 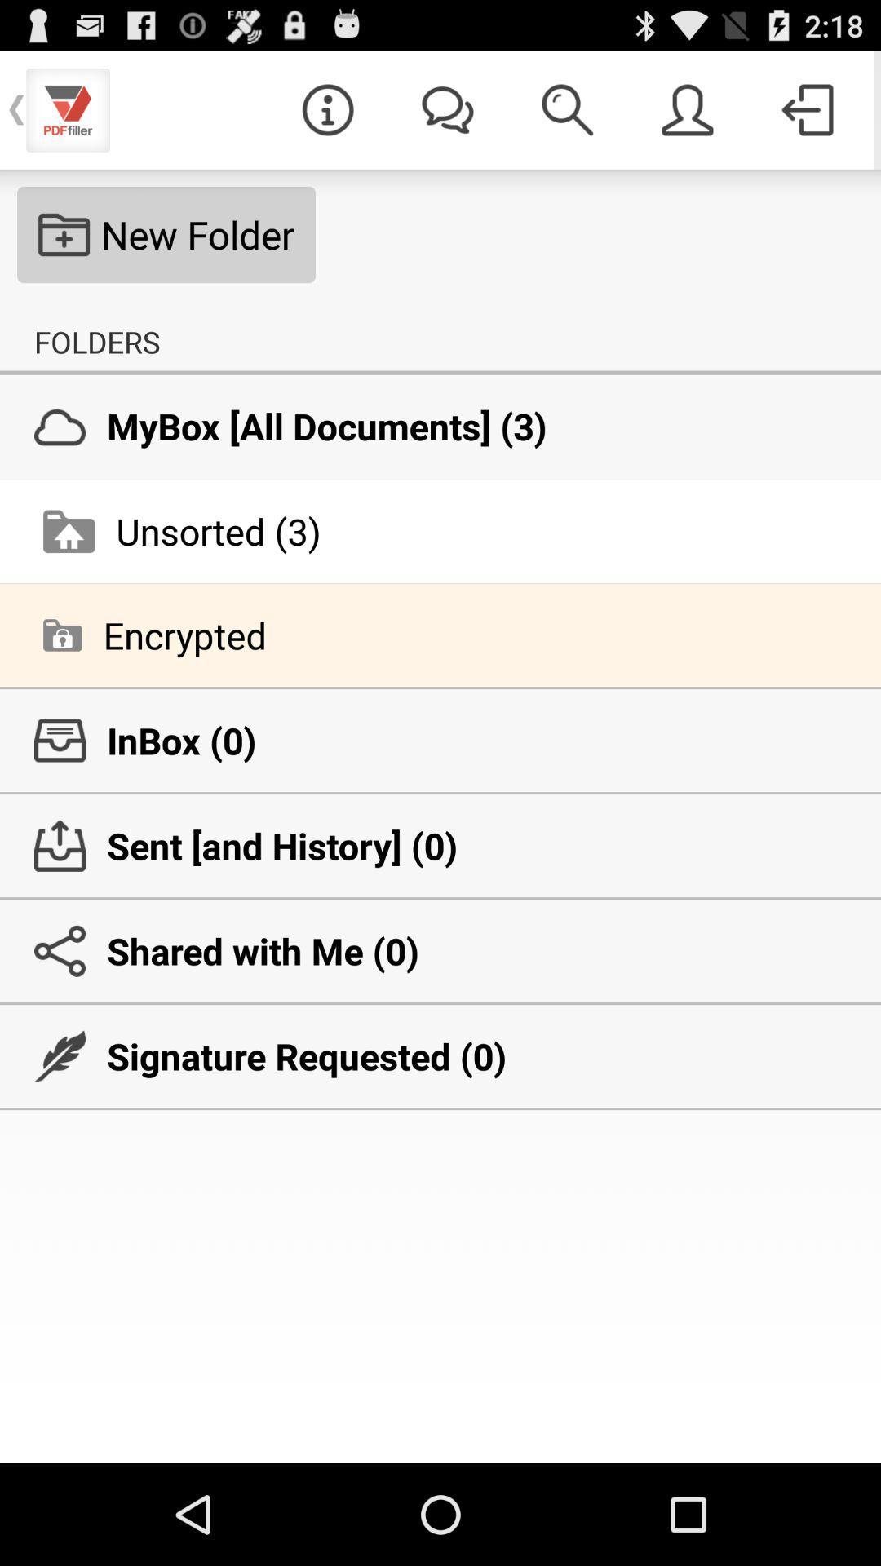 I want to click on signature requested (0) icon, so click(x=440, y=1056).